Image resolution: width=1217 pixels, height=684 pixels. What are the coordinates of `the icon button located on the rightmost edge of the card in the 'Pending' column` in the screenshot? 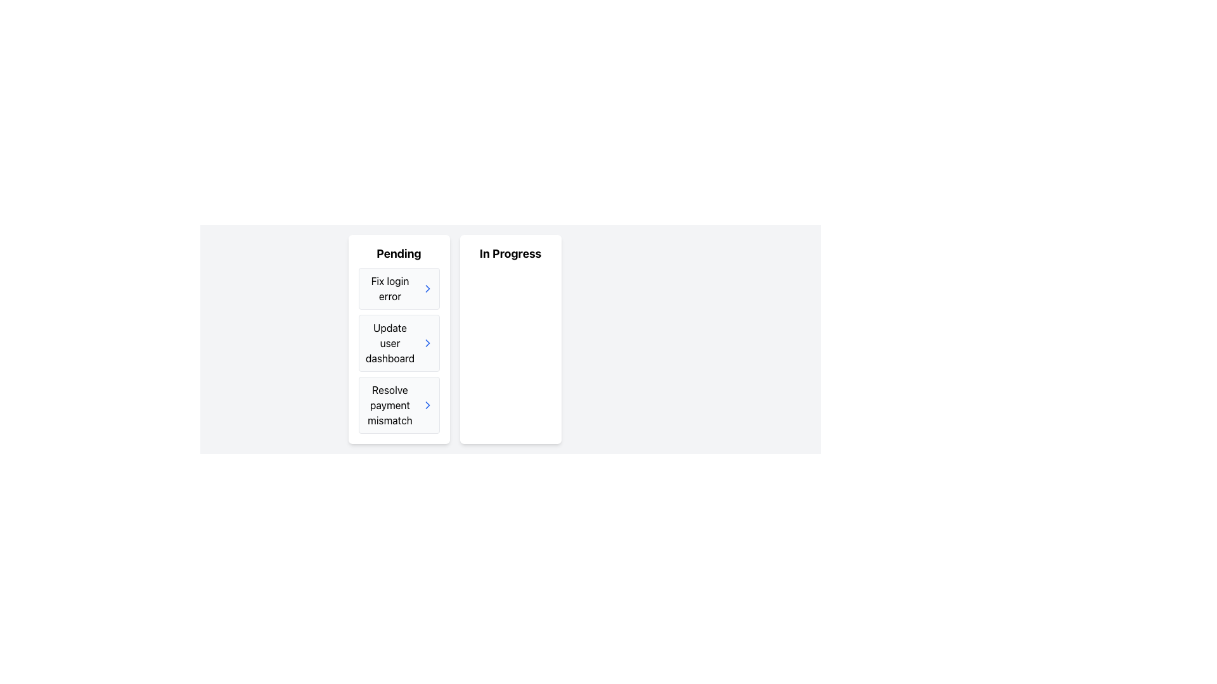 It's located at (427, 405).